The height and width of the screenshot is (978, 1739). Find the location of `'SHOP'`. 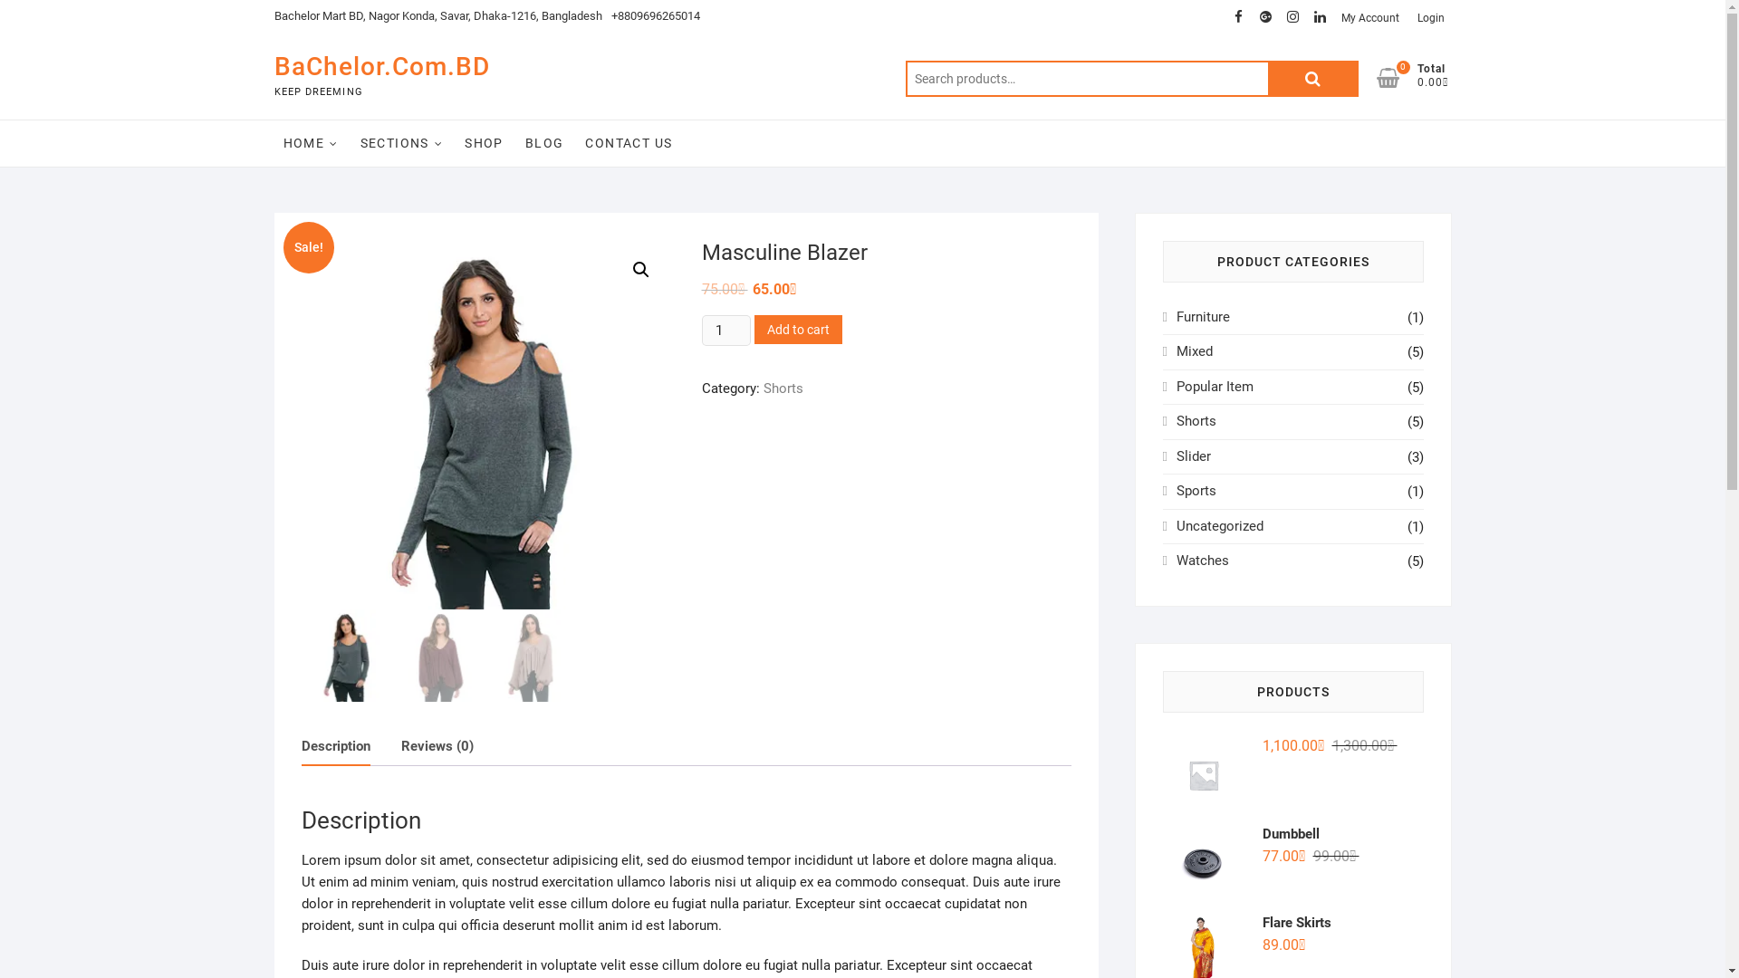

'SHOP' is located at coordinates (484, 142).